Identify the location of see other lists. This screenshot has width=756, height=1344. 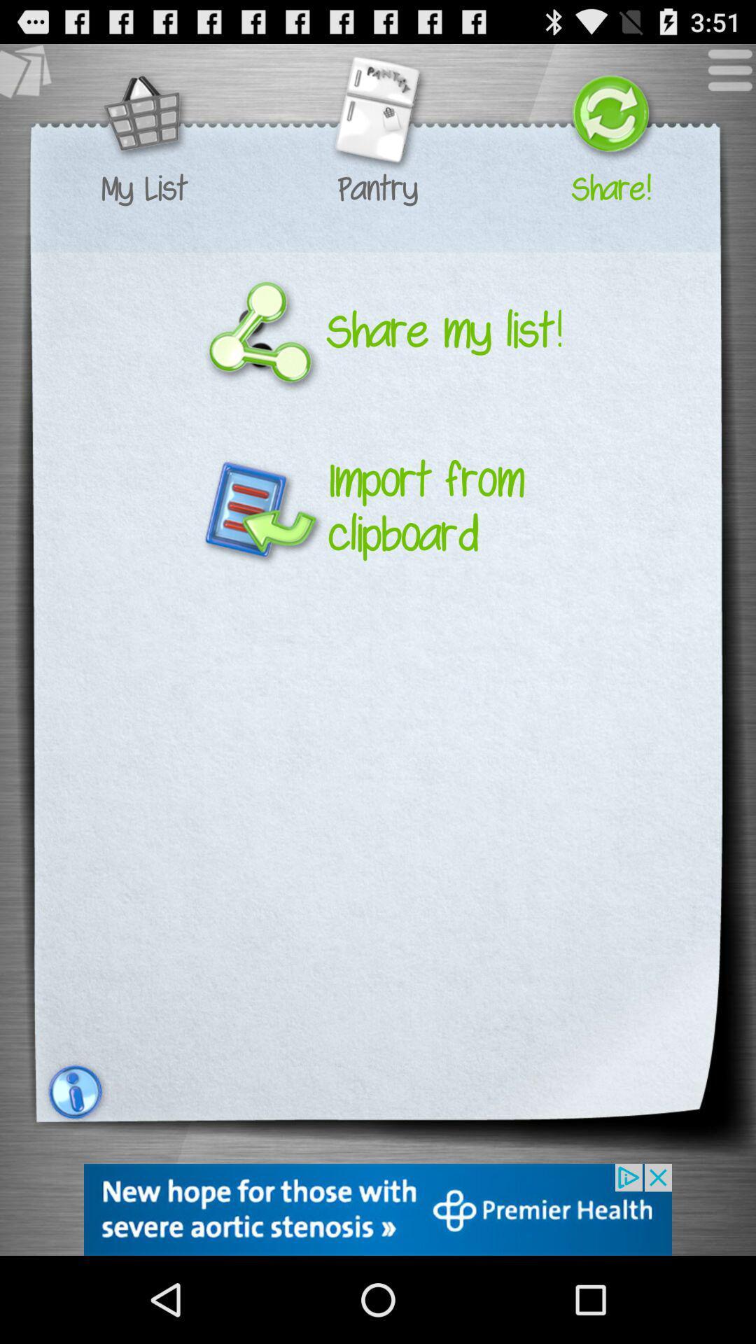
(32, 76).